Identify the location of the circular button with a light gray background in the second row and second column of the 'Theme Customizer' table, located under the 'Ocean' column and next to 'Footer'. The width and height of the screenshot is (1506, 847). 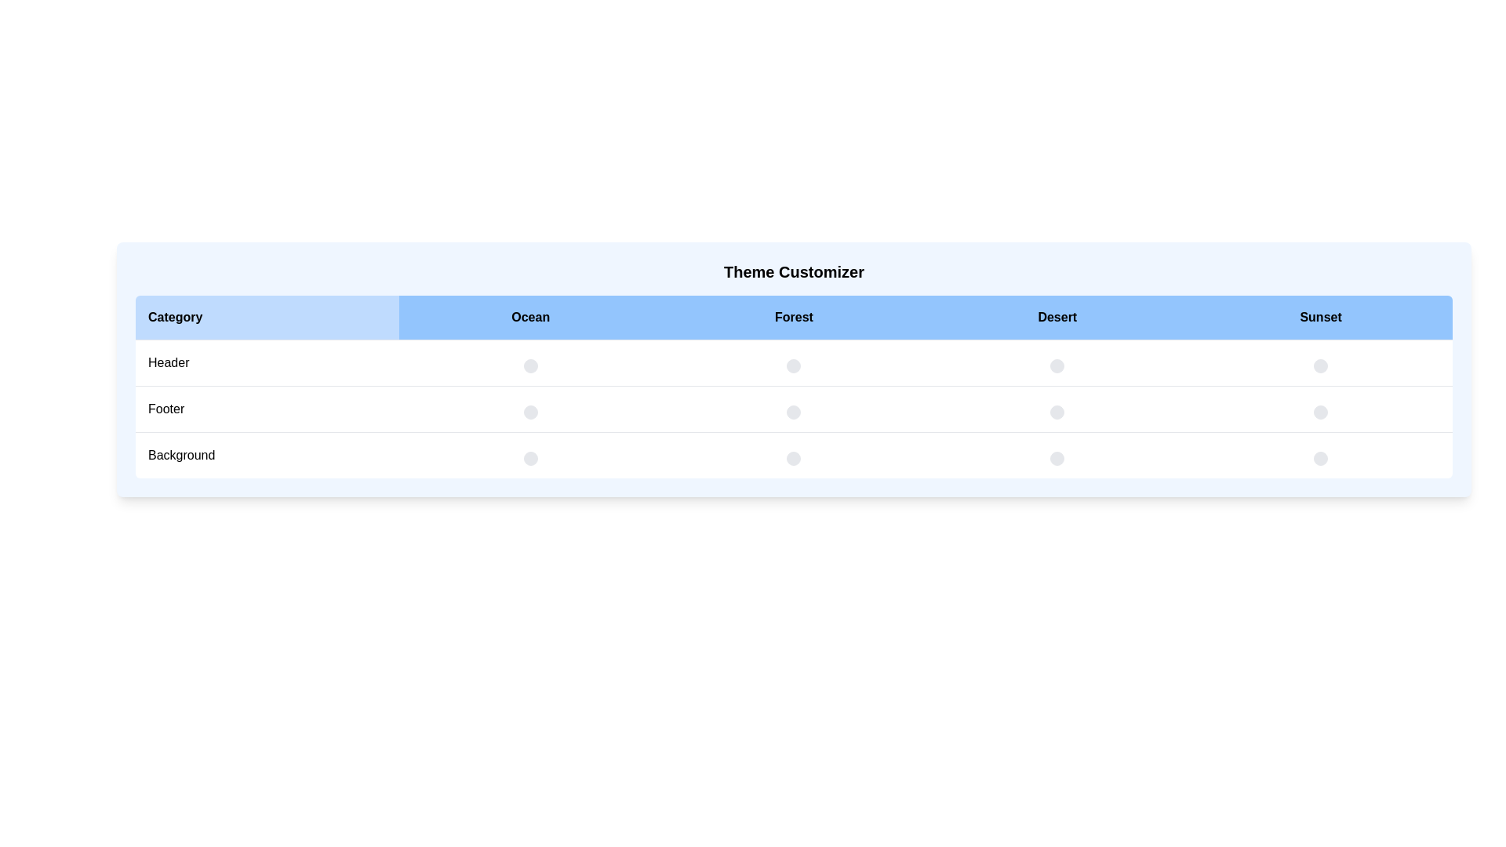
(530, 411).